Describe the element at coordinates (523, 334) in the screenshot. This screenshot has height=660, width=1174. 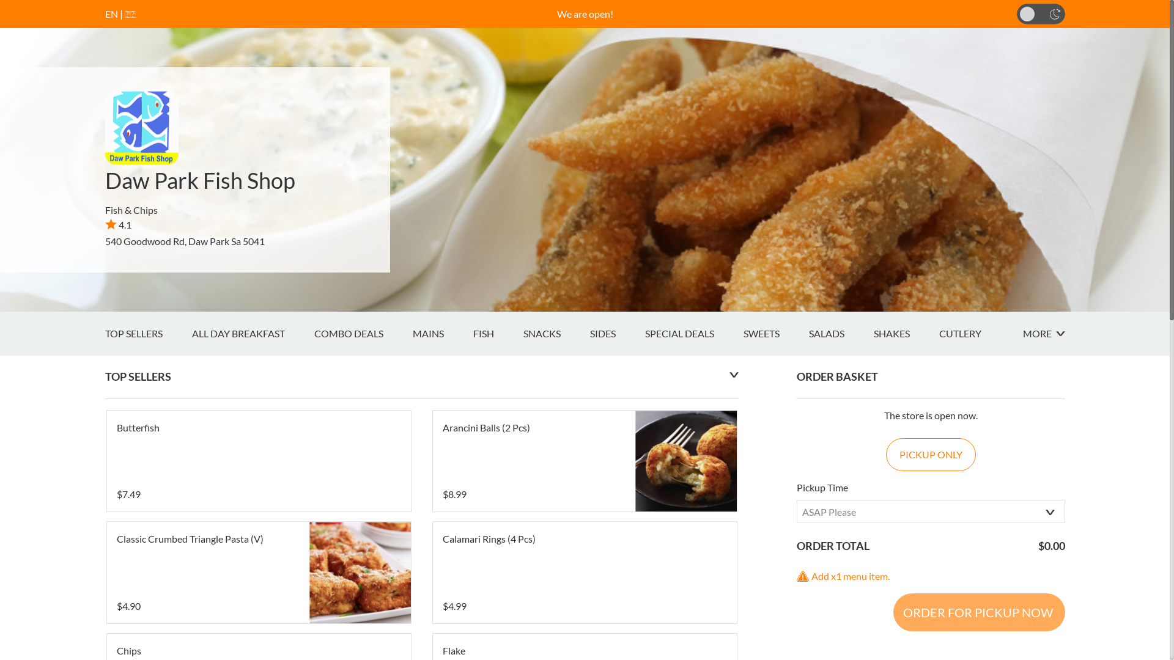
I see `'SNACKS'` at that location.